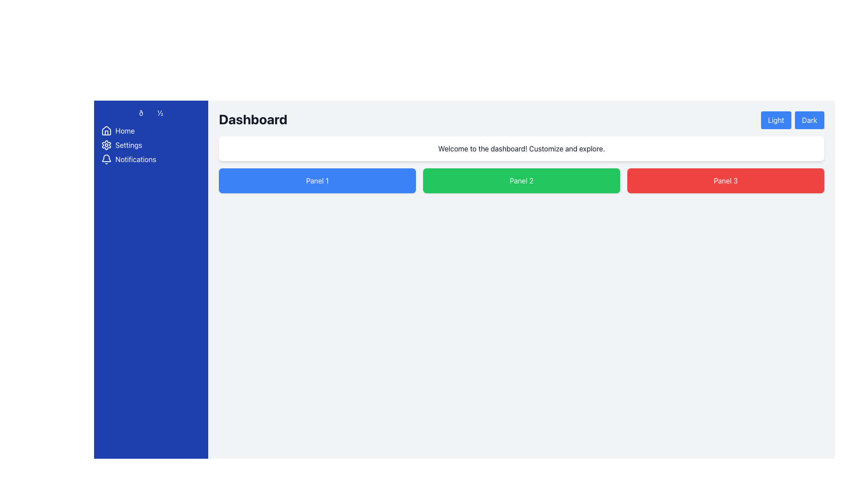  What do you see at coordinates (135, 159) in the screenshot?
I see `the text label located in the left sidebar, third from the top below the 'Settings' section` at bounding box center [135, 159].